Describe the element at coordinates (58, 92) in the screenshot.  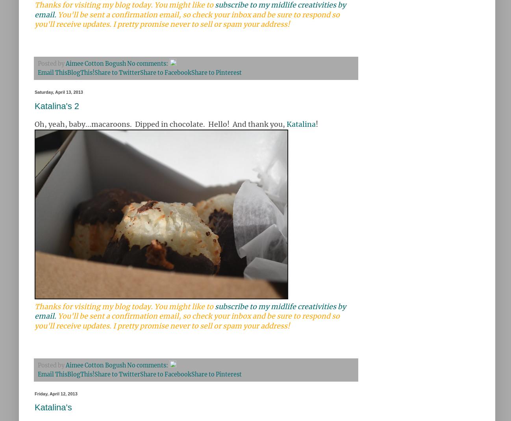
I see `'Saturday, April 13, 2013'` at that location.